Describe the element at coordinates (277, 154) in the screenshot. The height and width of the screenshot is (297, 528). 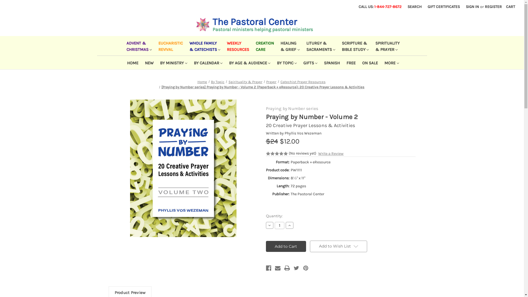
I see `'Product rating is 0 of 5'` at that location.